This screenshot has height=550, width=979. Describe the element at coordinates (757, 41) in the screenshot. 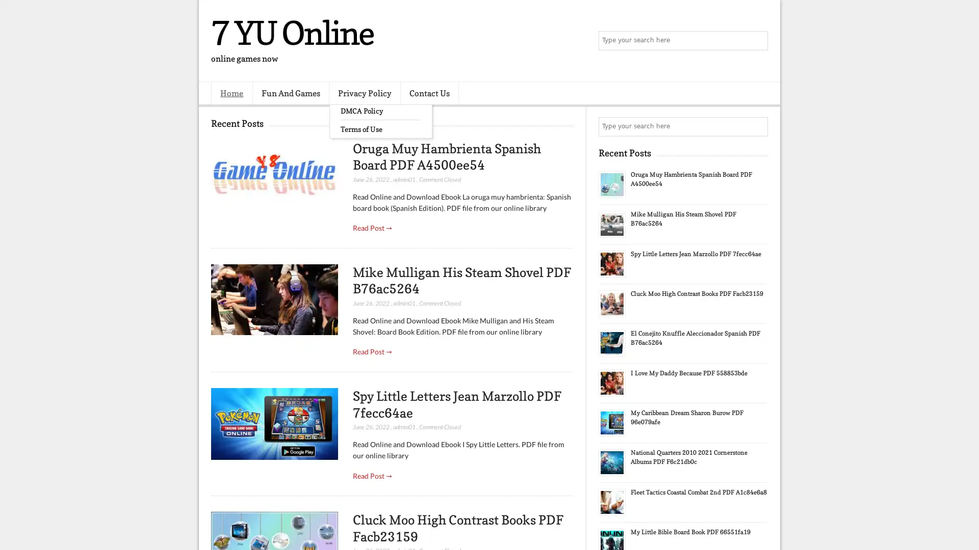

I see `Search` at that location.